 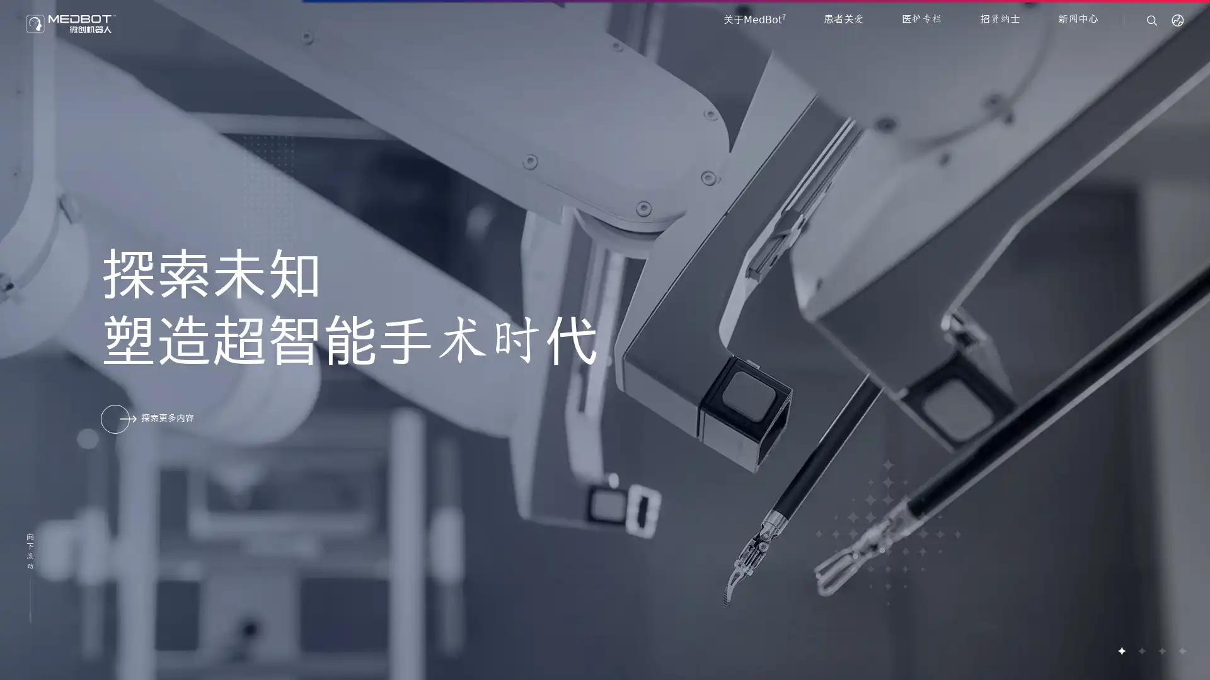 What do you see at coordinates (1141, 650) in the screenshot?
I see `Go to slide 2` at bounding box center [1141, 650].